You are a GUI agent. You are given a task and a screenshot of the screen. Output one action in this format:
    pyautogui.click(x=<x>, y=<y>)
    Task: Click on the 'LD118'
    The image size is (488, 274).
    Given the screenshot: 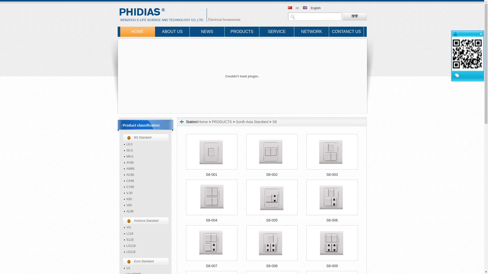 What is the action you would take?
    pyautogui.click(x=146, y=252)
    